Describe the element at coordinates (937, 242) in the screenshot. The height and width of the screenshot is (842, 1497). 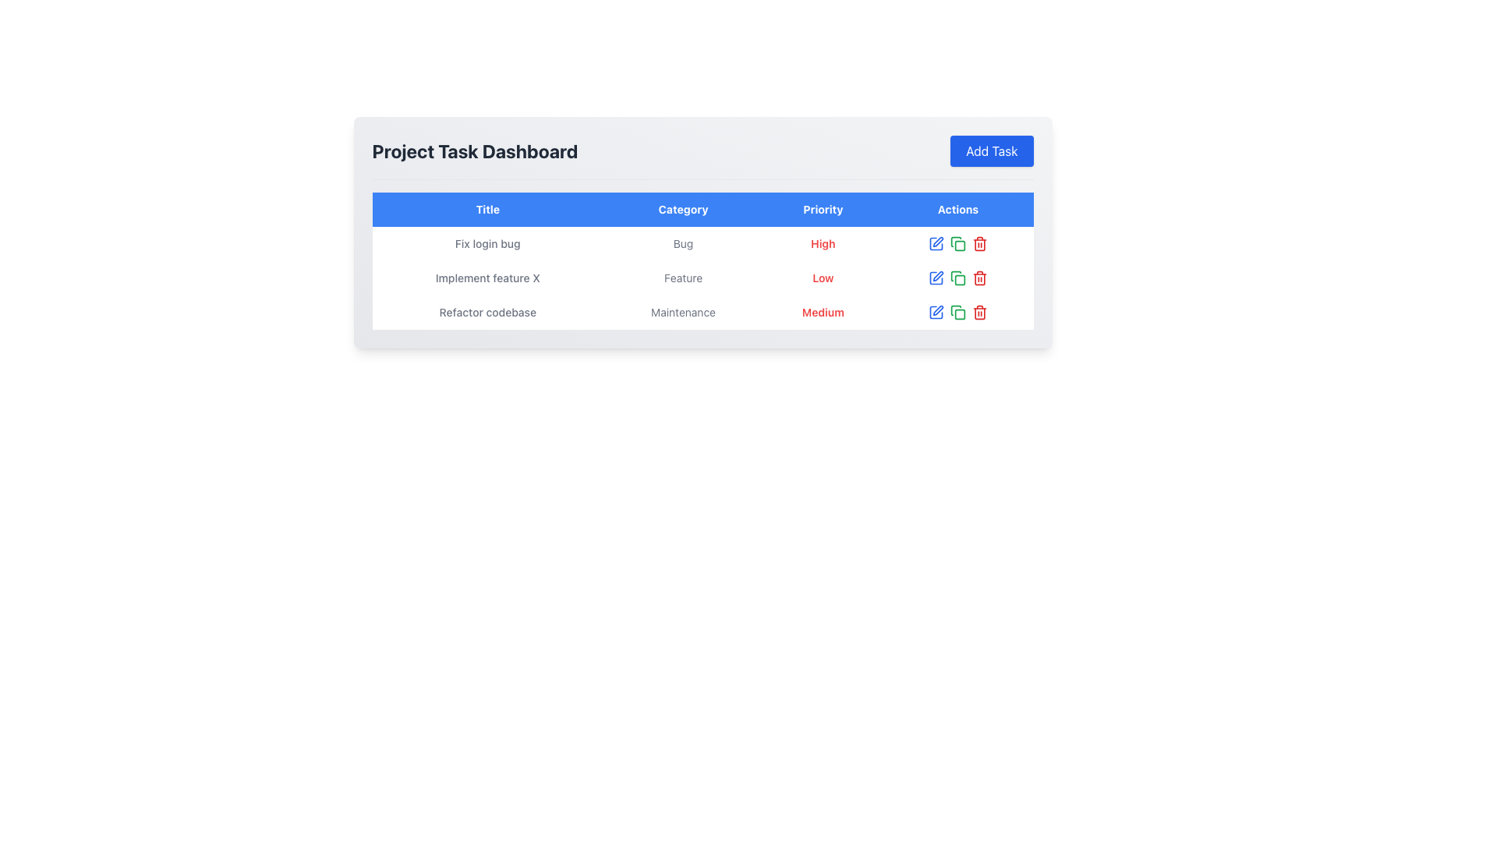
I see `the small pen or edit icon located in the 'Actions' column next to the 'Fix login bug' row to initiate the edit action` at that location.